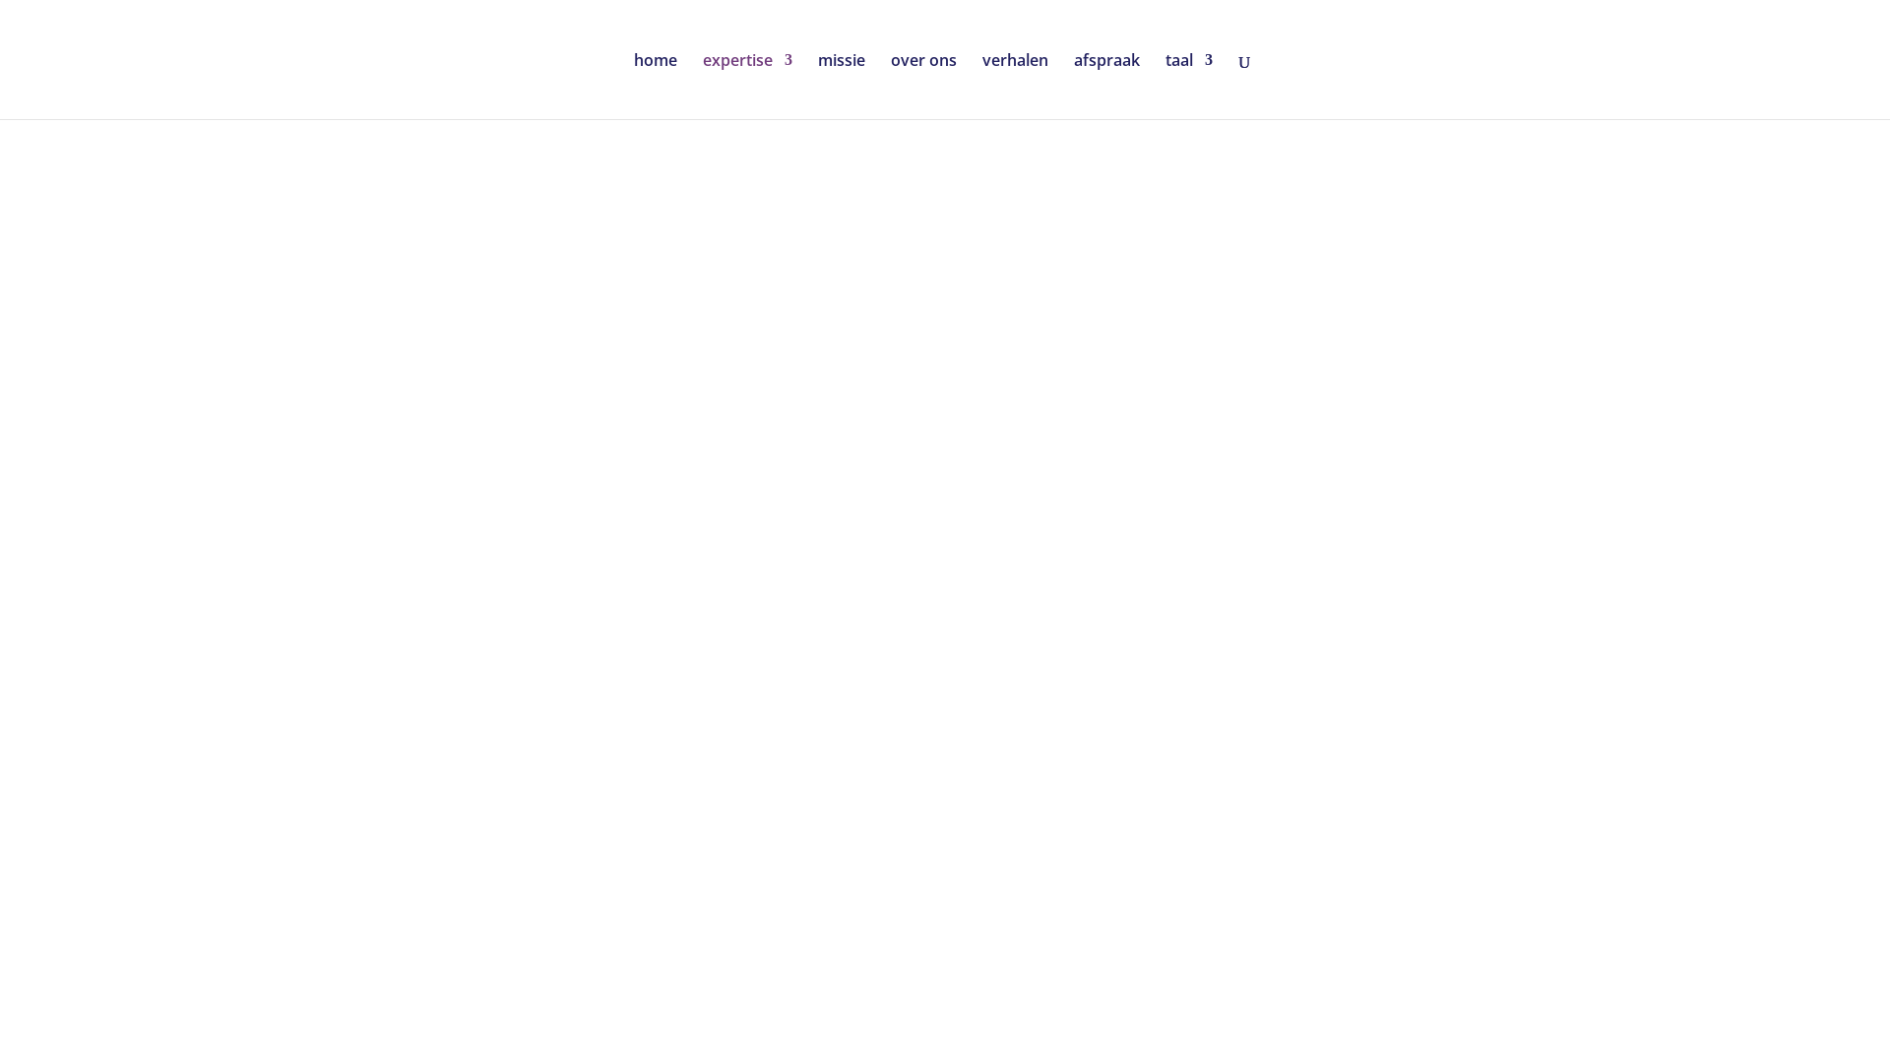 This screenshot has width=1890, height=1063. What do you see at coordinates (922, 85) in the screenshot?
I see `'over ons'` at bounding box center [922, 85].